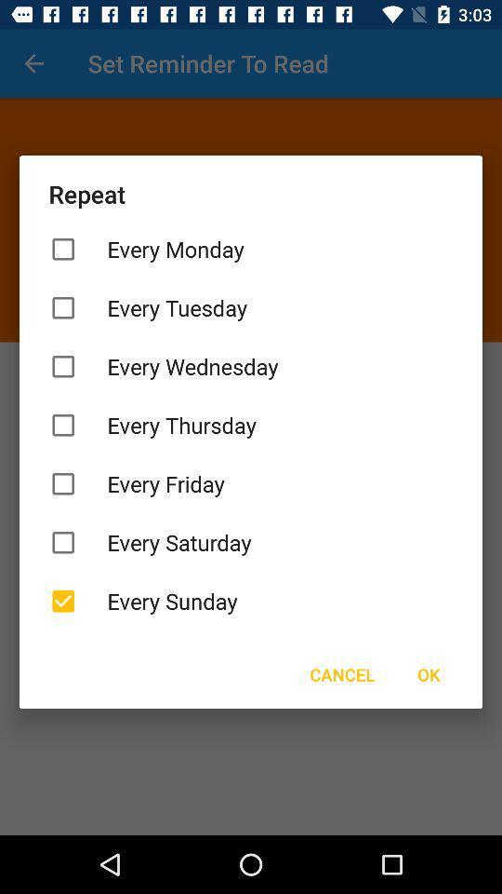 The width and height of the screenshot is (502, 894). What do you see at coordinates (341, 673) in the screenshot?
I see `cancel item` at bounding box center [341, 673].